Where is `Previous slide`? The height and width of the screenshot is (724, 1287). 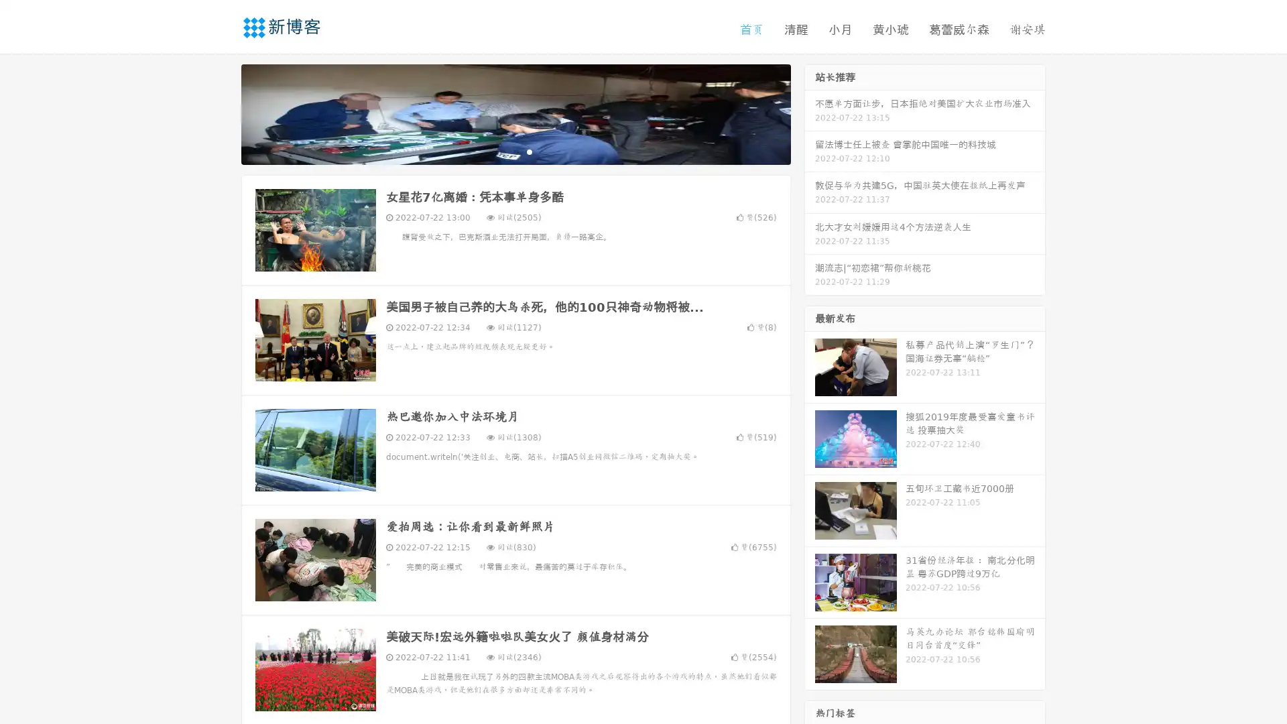 Previous slide is located at coordinates (221, 113).